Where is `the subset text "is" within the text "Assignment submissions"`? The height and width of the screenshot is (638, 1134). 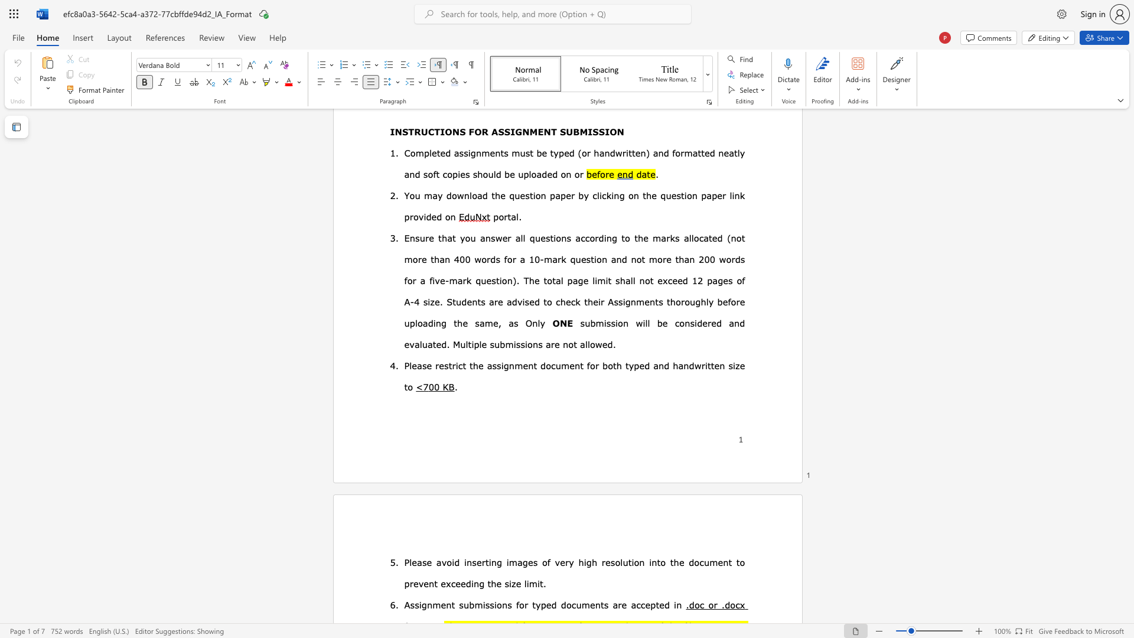
the subset text "is" within the text "Assignment submissions" is located at coordinates (483, 604).